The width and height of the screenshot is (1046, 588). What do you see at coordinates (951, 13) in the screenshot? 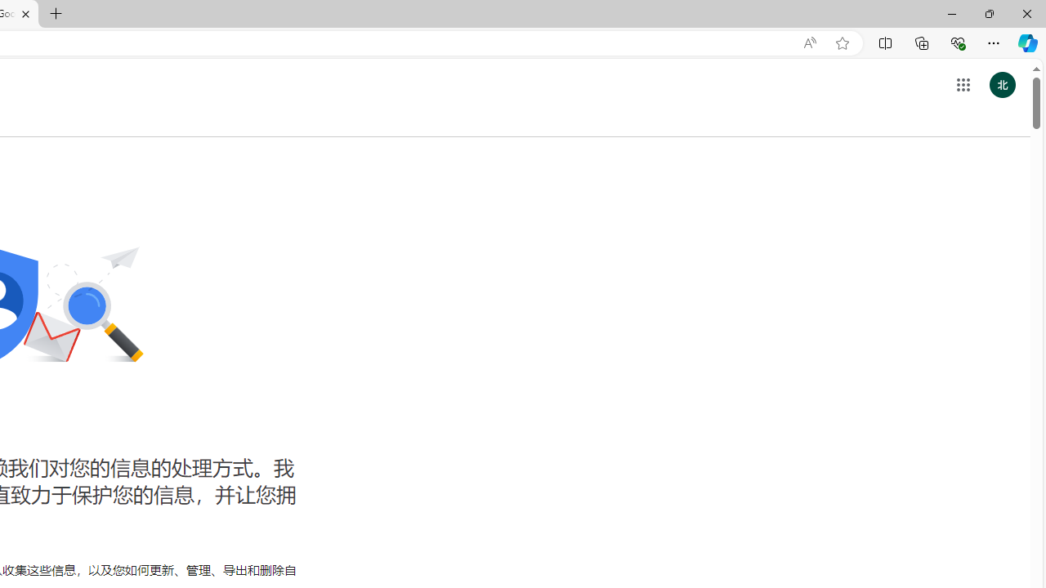
I see `'Minimize'` at bounding box center [951, 13].